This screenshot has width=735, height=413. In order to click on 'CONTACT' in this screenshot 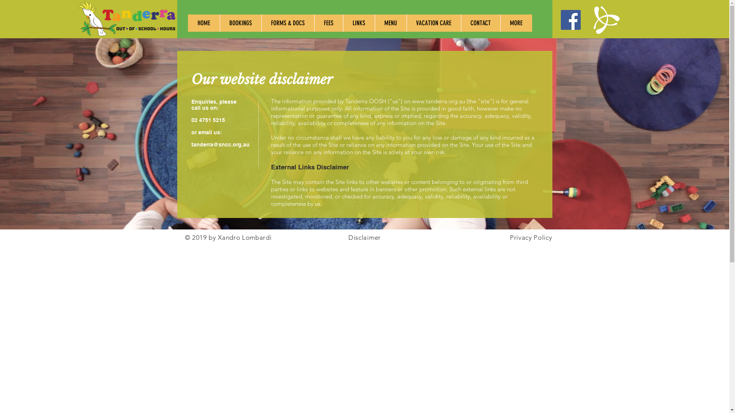, I will do `click(480, 23)`.